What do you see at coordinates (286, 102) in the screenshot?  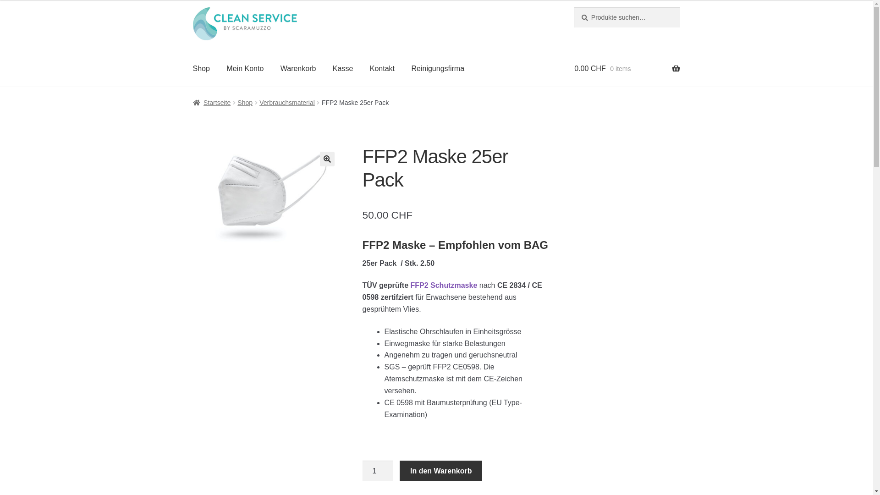 I see `'Verbrauchsmaterial'` at bounding box center [286, 102].